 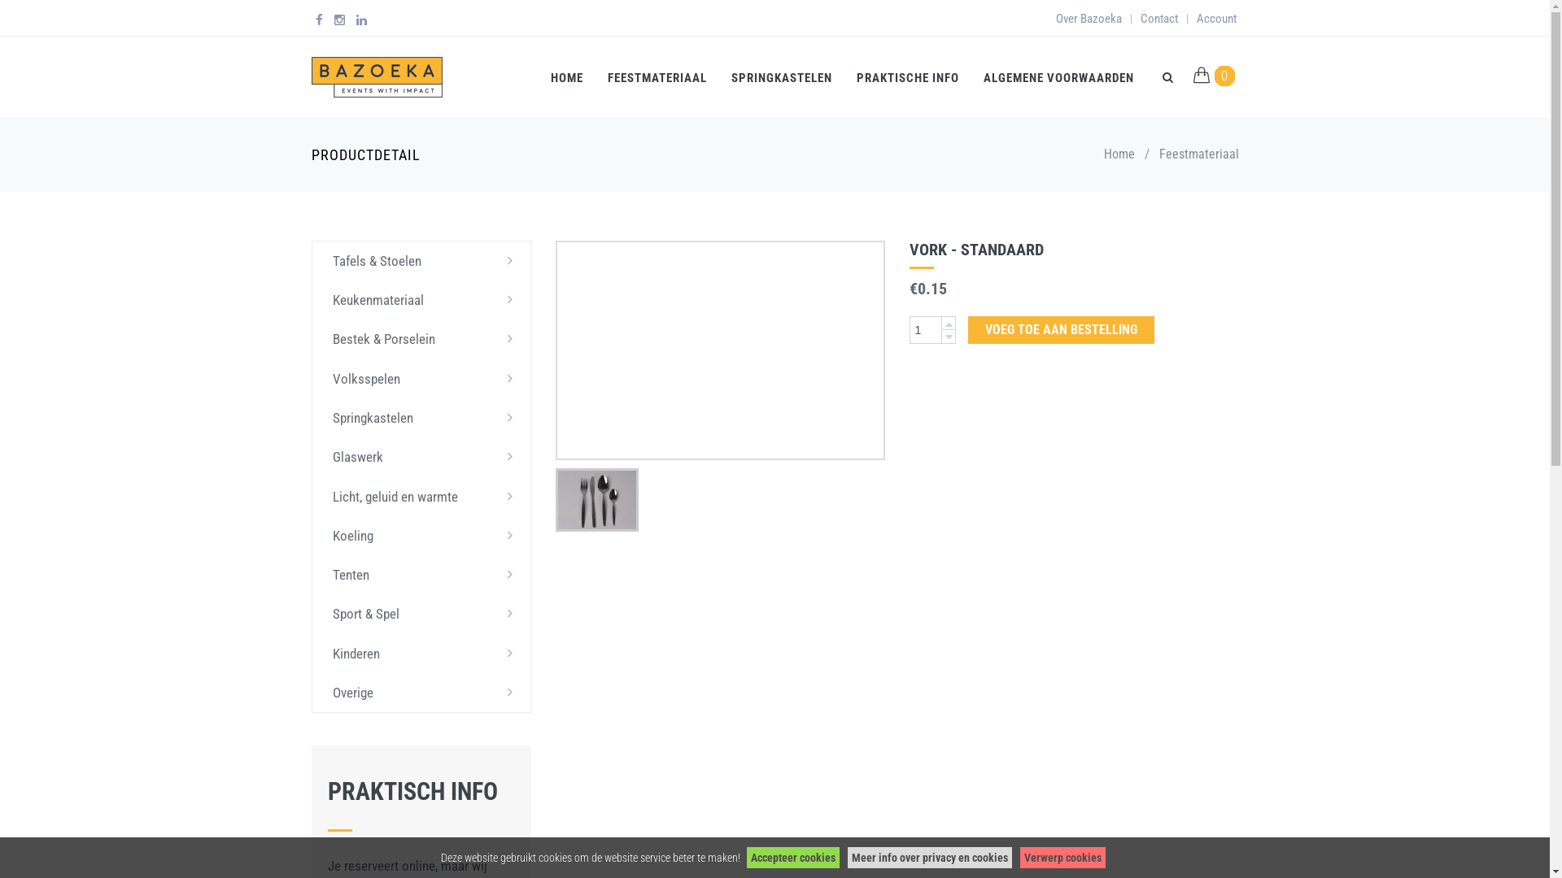 What do you see at coordinates (539, 77) in the screenshot?
I see `'HOME'` at bounding box center [539, 77].